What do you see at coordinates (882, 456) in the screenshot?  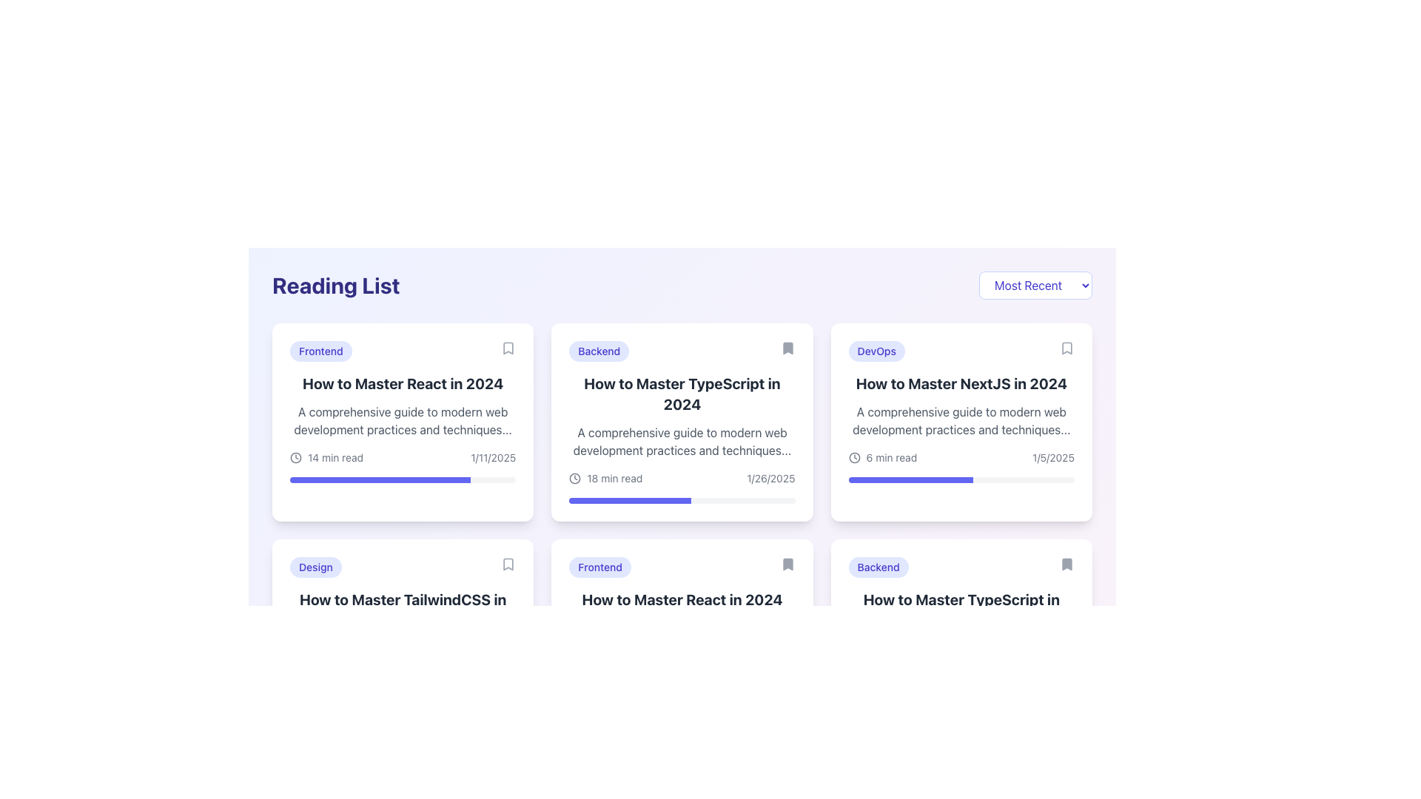 I see `text '6 min read' displayed in a gray label with a clock icon to its left, located towards the bottom-right corner of the 'How to Master NextJS in 2024' card` at bounding box center [882, 456].